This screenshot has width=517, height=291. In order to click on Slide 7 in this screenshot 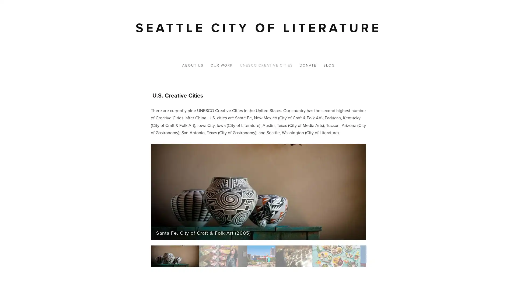, I will do `click(425, 256)`.